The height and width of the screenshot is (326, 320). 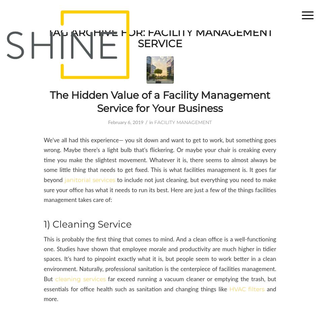 What do you see at coordinates (125, 122) in the screenshot?
I see `'February 6, 2019'` at bounding box center [125, 122].